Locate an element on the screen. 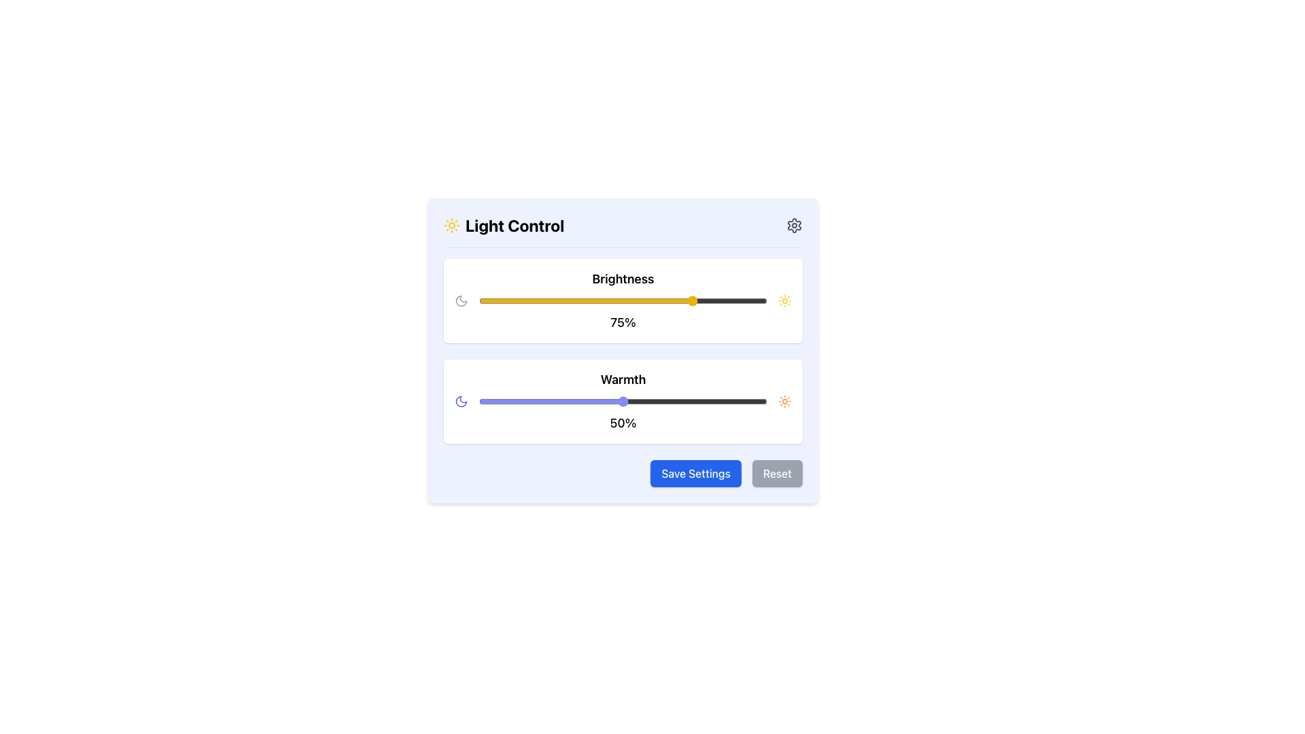  the orange sun-shaped icon located at the top right of the 'Light Control' interface is located at coordinates (785, 400).